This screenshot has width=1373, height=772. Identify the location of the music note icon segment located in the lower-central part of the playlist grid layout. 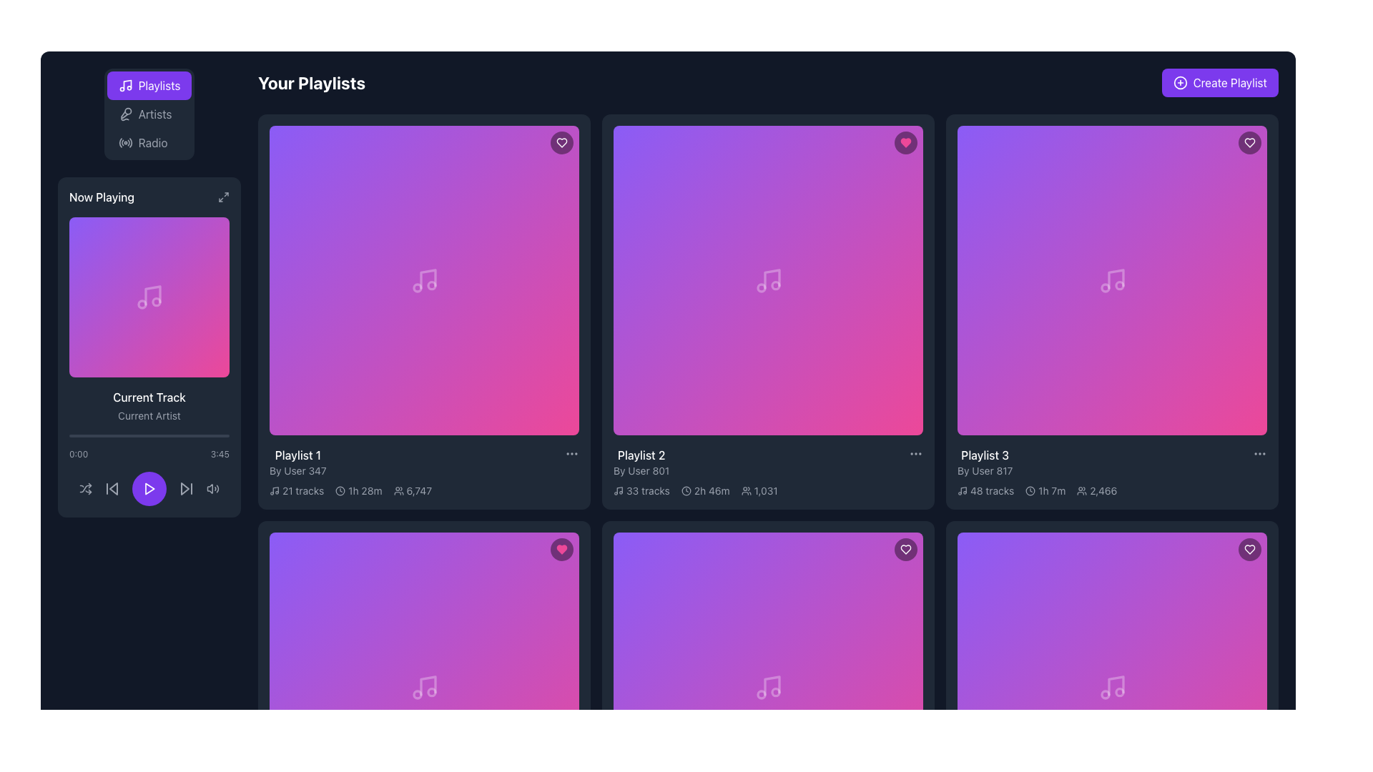
(771, 685).